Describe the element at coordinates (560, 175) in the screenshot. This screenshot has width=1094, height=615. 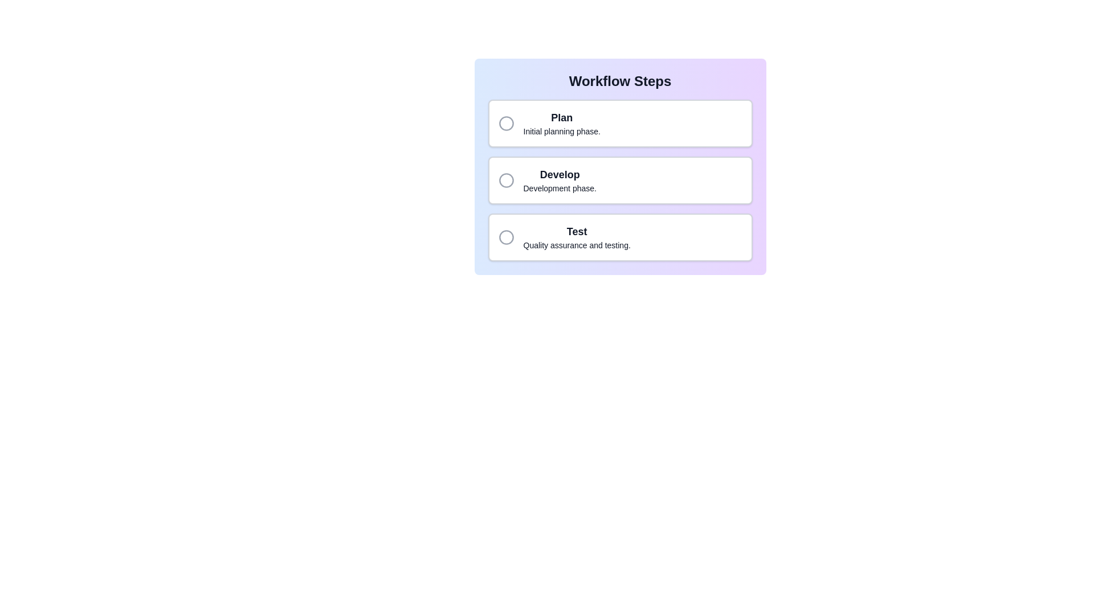
I see `the text label displaying 'Develop', which is positioned as the header text within the second workflow step panel, centrally aligned between the 'Plan' and 'Test' sections` at that location.